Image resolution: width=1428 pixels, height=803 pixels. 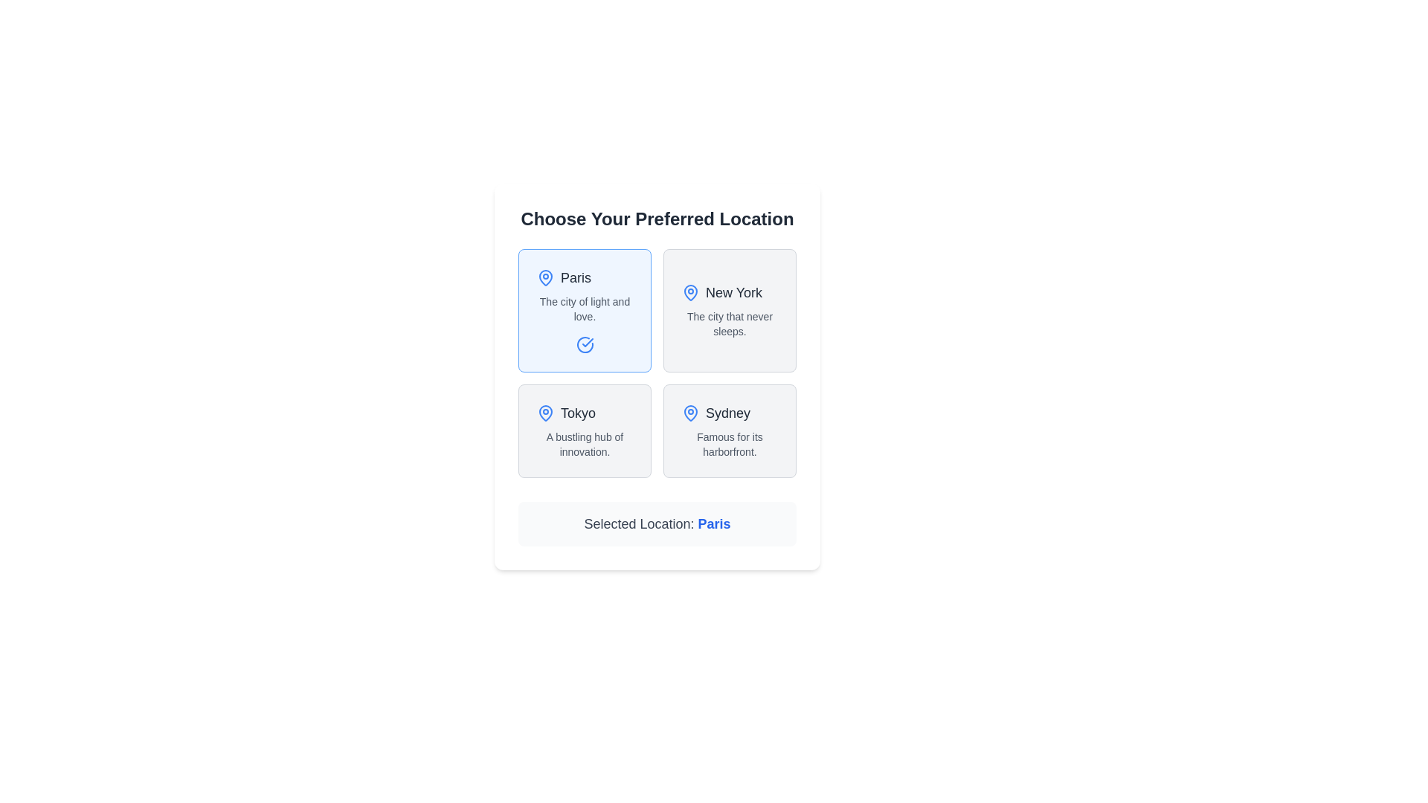 What do you see at coordinates (728, 413) in the screenshot?
I see `the text label 'Sydney' which is styled in a larger, bold font and is located beside a blue map pin icon in the lower-right quadrant of the grid layout` at bounding box center [728, 413].